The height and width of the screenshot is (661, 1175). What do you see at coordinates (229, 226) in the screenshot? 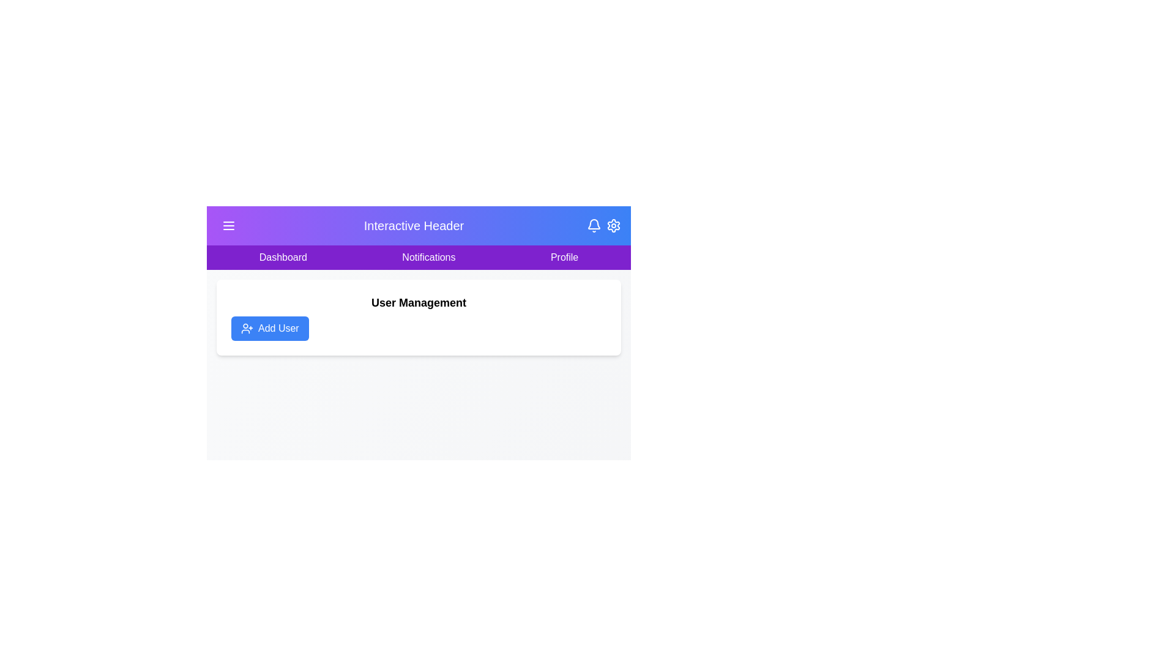
I see `menu button to toggle the menu visibility` at bounding box center [229, 226].